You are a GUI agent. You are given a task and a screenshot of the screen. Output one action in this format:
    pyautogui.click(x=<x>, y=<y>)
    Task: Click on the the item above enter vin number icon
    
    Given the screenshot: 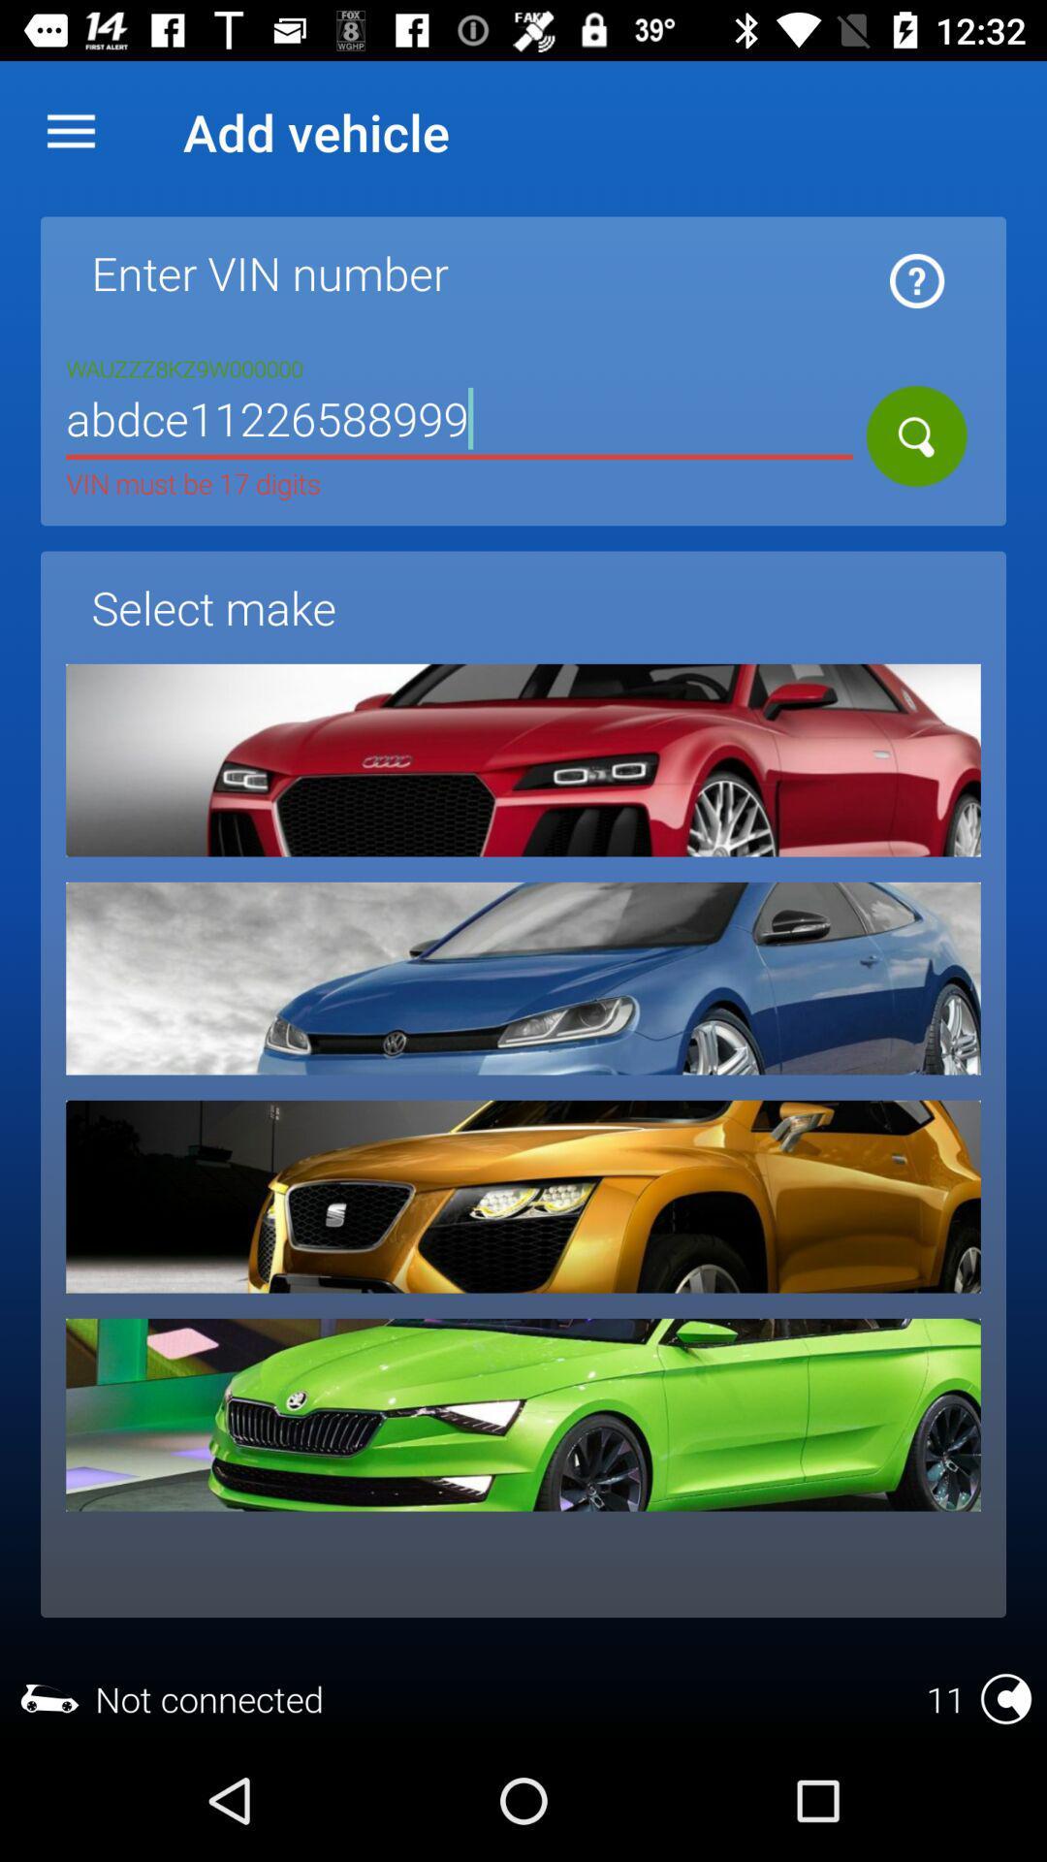 What is the action you would take?
    pyautogui.click(x=70, y=131)
    